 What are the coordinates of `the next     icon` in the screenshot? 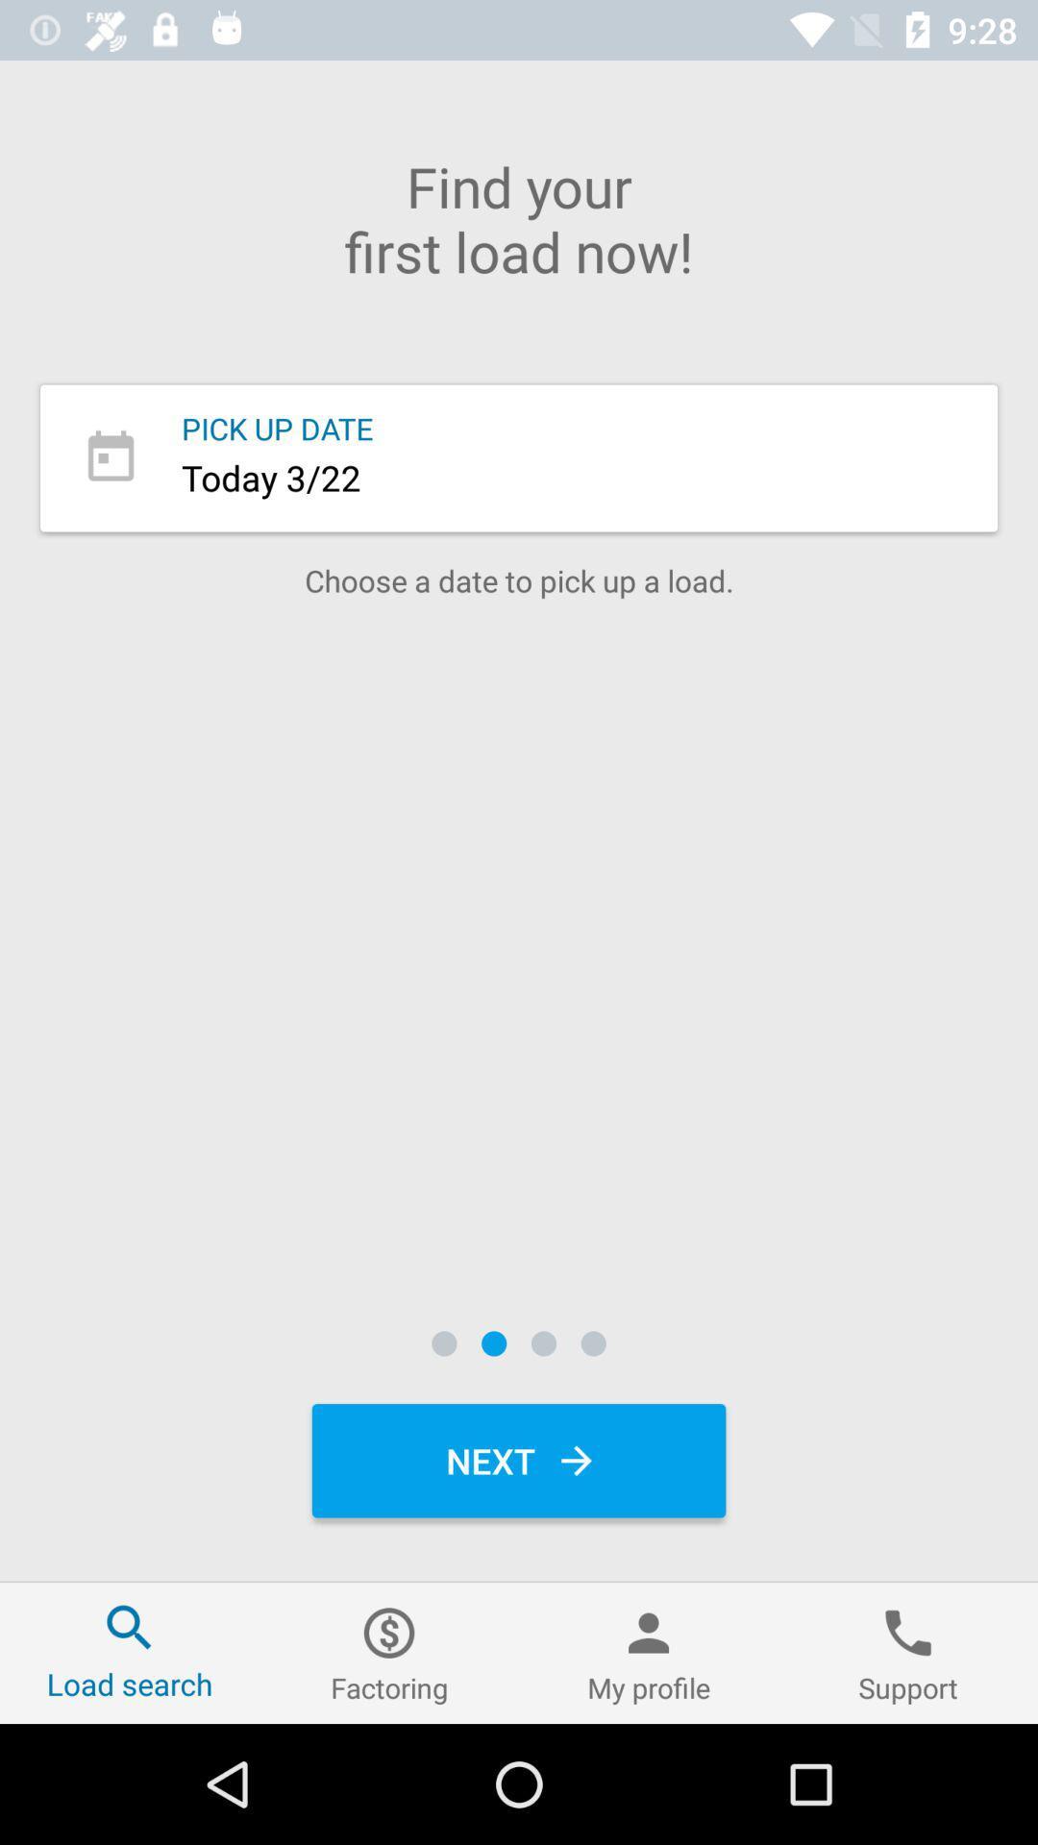 It's located at (519, 1461).